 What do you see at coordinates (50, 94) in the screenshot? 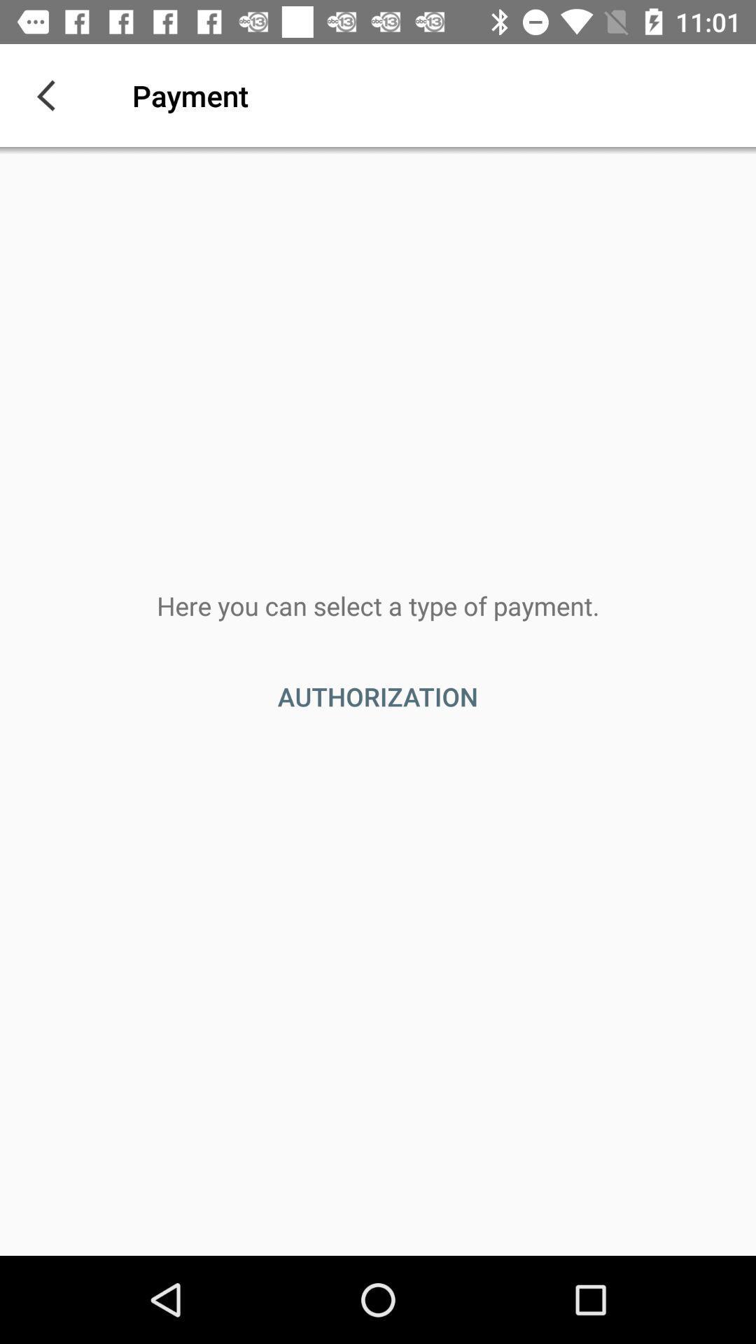
I see `item next to payment item` at bounding box center [50, 94].